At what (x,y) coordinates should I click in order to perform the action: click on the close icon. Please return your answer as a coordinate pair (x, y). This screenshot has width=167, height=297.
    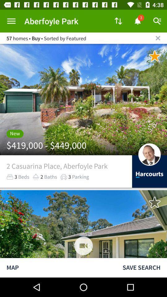
    Looking at the image, I should click on (158, 38).